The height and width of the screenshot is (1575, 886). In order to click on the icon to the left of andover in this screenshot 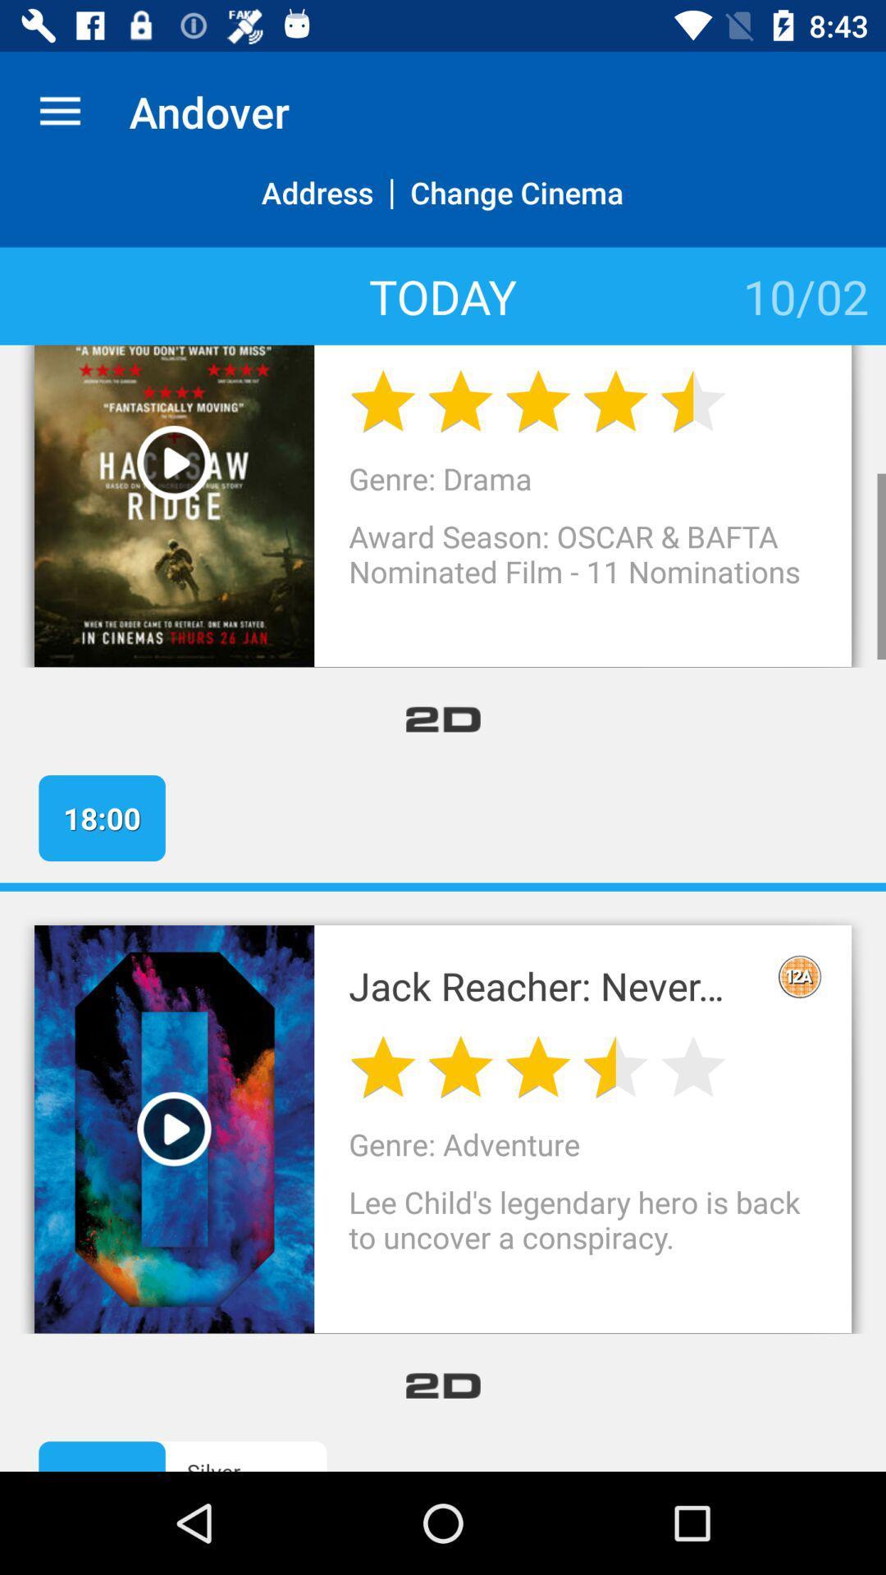, I will do `click(59, 111)`.